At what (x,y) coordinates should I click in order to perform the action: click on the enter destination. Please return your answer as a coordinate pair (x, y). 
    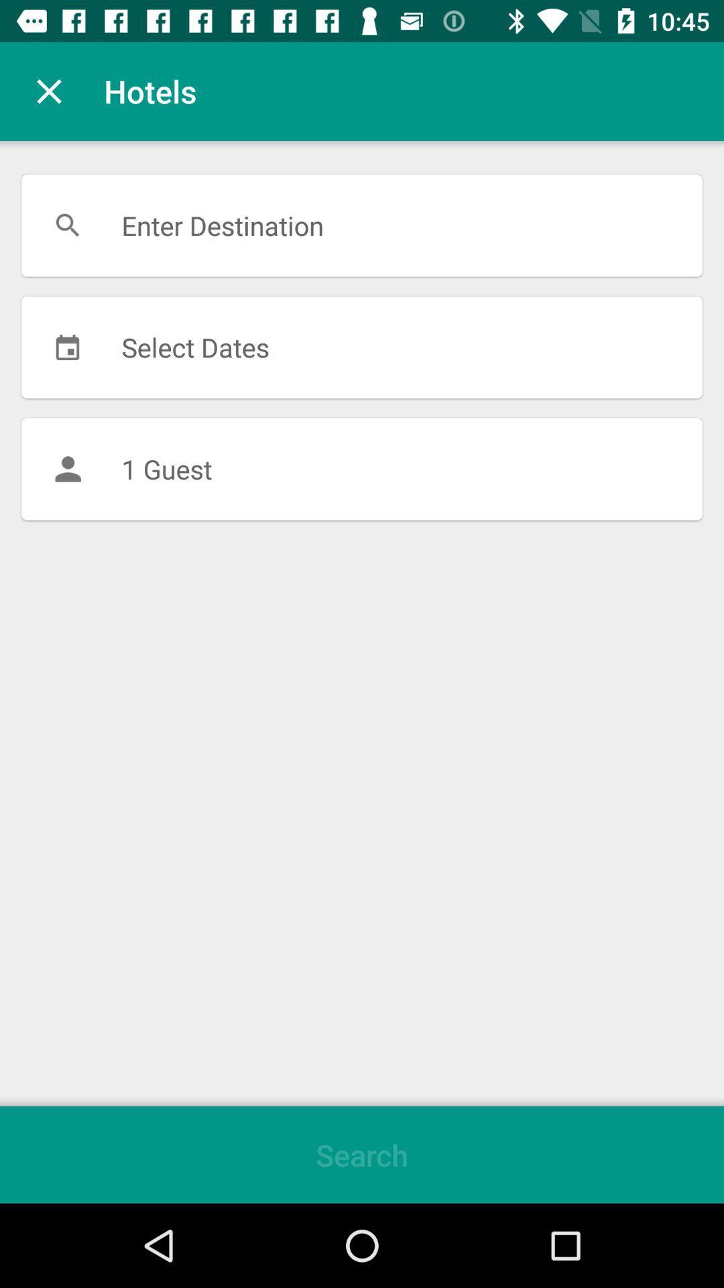
    Looking at the image, I should click on (362, 225).